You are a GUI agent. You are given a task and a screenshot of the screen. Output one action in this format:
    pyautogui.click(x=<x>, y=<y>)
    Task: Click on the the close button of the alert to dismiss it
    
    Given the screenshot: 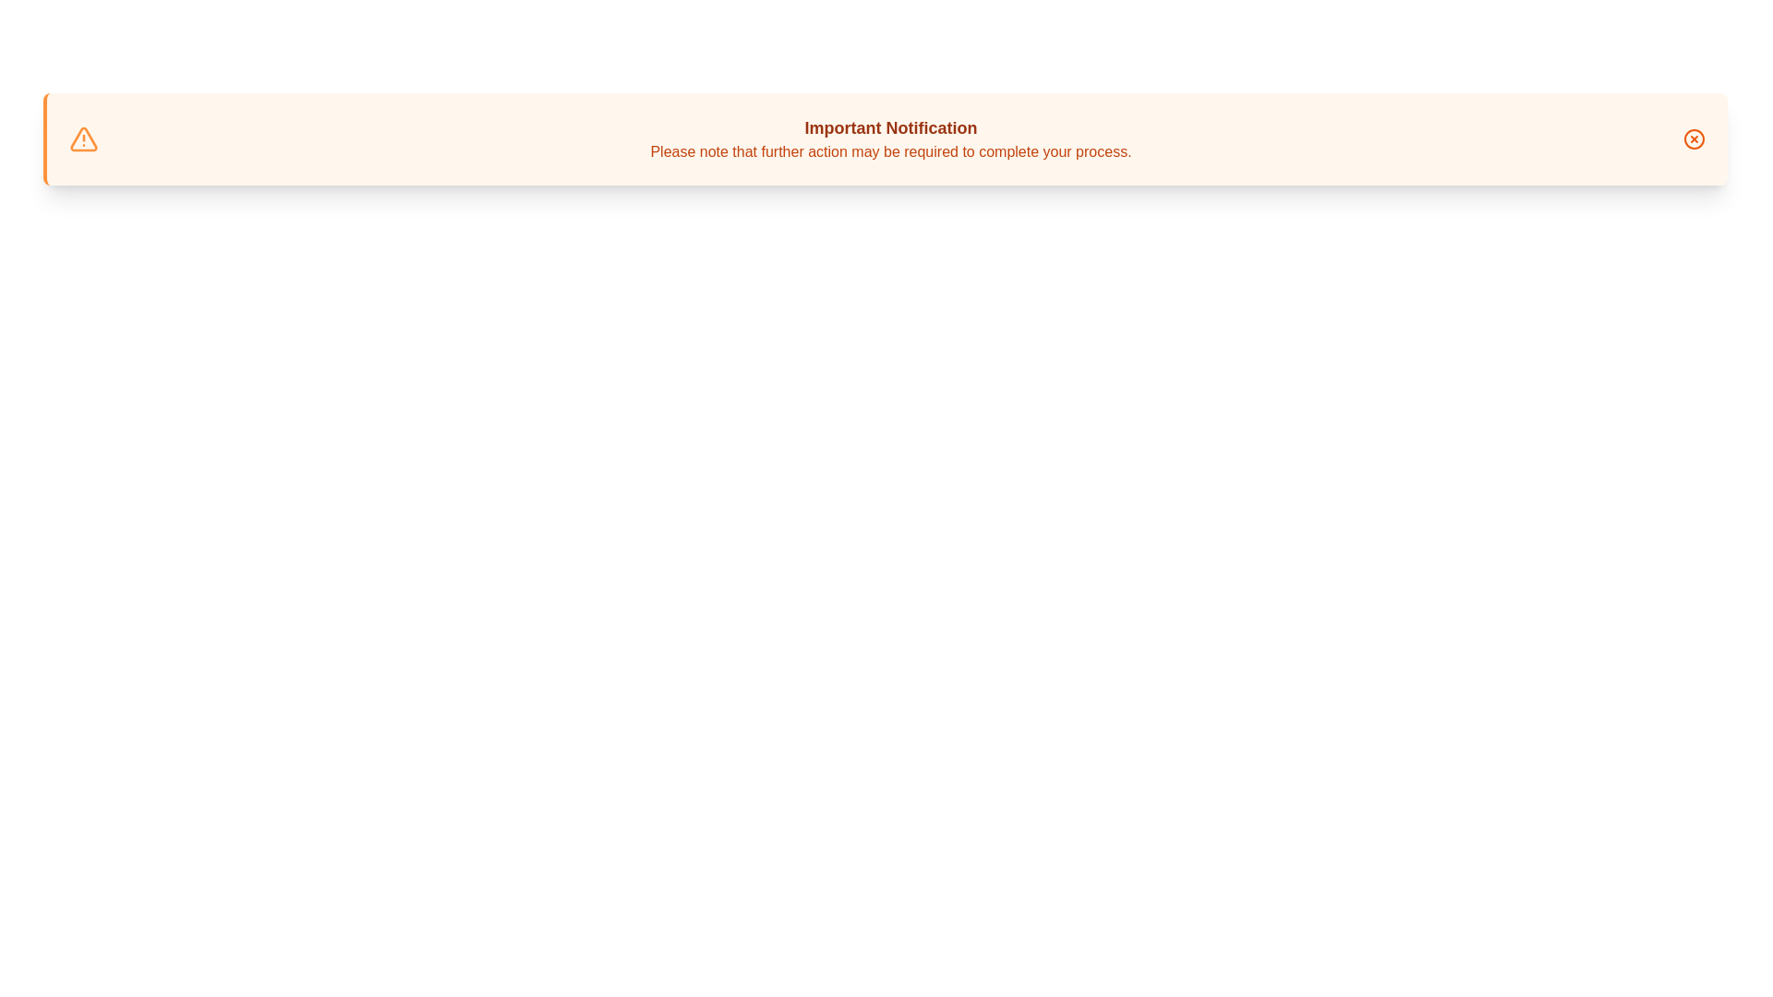 What is the action you would take?
    pyautogui.click(x=1694, y=138)
    